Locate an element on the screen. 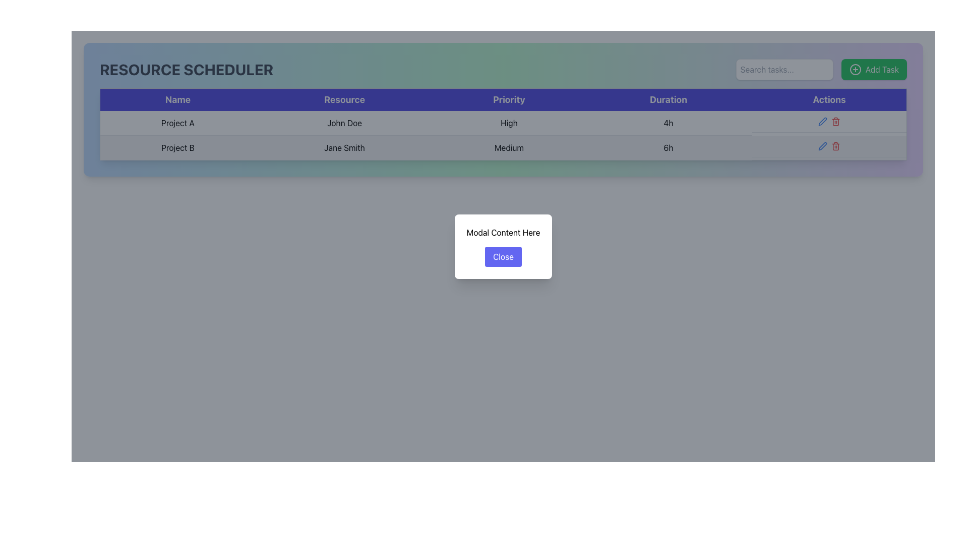 This screenshot has height=545, width=968. text snippet displaying 'Modal Content Here' located at the top center of the white modal, above the purple 'Close' button is located at coordinates (503, 232).